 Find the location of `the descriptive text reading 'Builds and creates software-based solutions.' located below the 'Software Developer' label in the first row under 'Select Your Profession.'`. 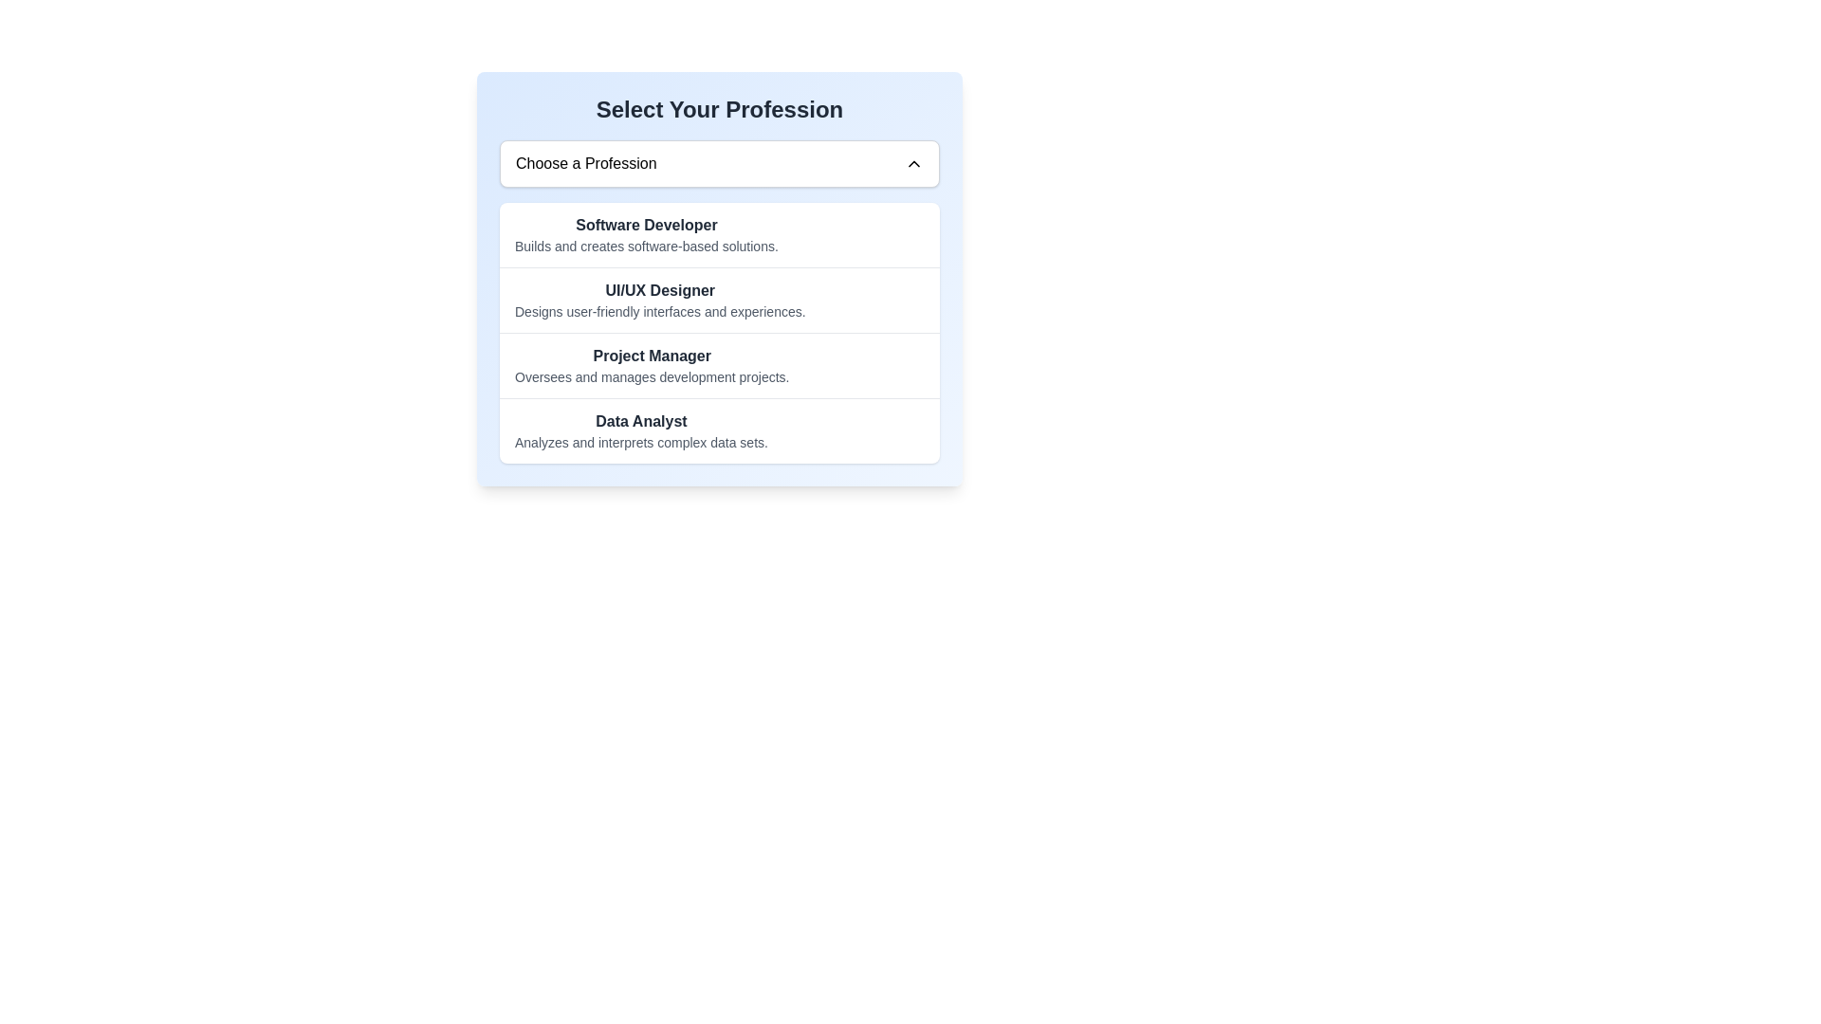

the descriptive text reading 'Builds and creates software-based solutions.' located below the 'Software Developer' label in the first row under 'Select Your Profession.' is located at coordinates (646, 245).